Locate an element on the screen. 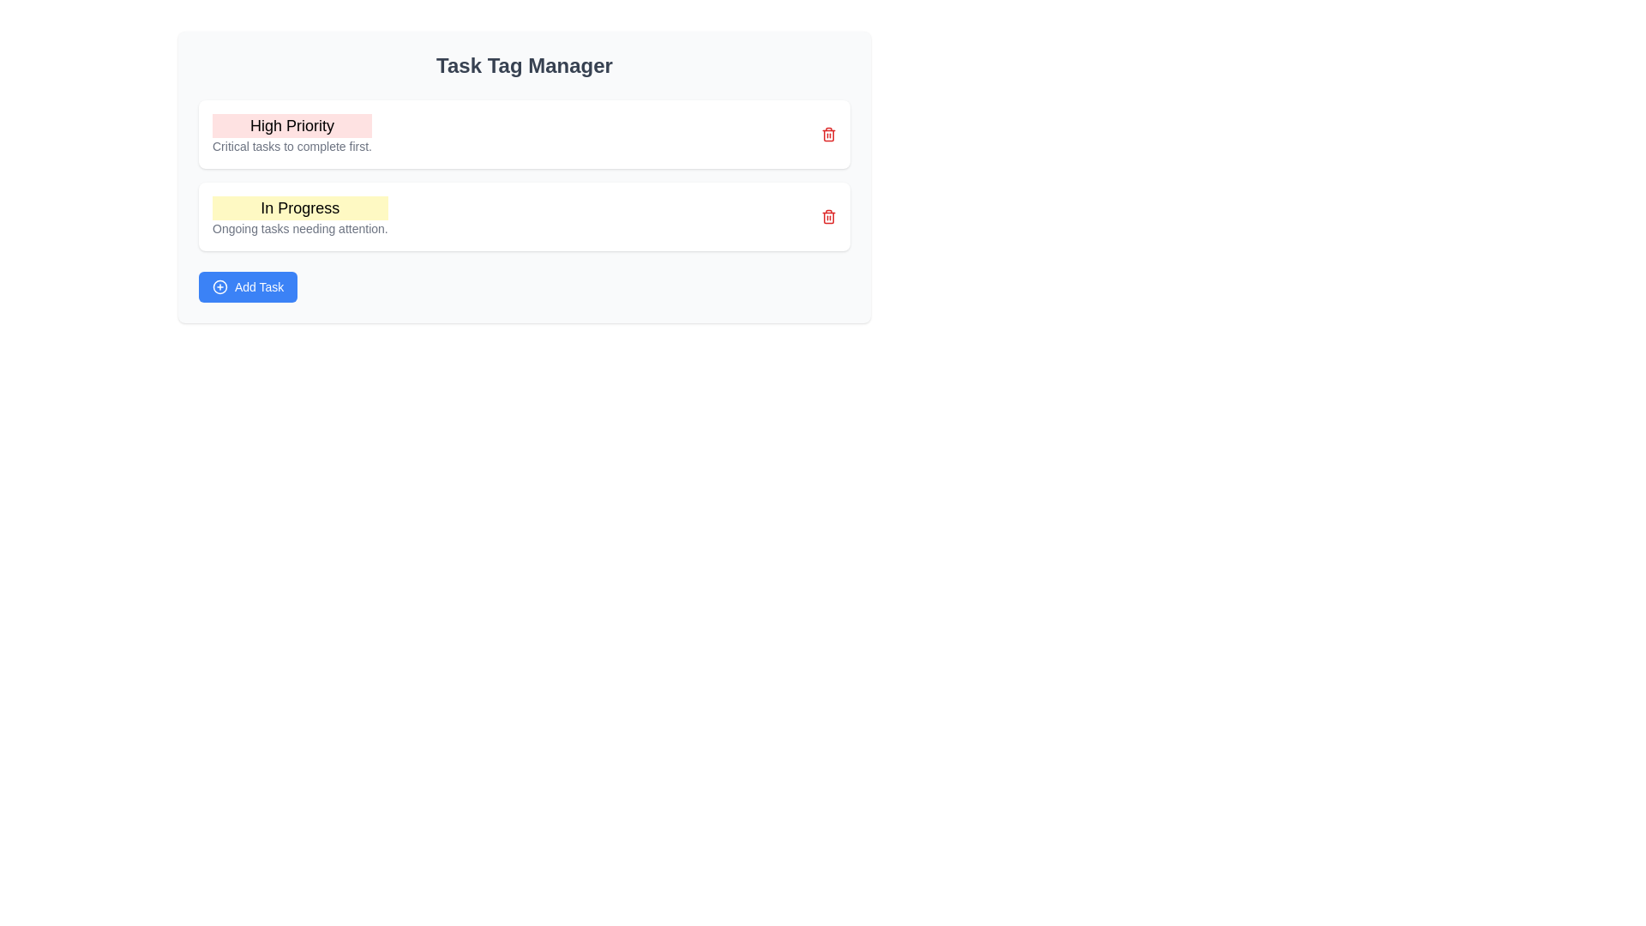 Image resolution: width=1646 pixels, height=926 pixels. the icon that visually indicates the action of adding or creating something, located inside the blue 'Add Task' button at the bottom left of the content area is located at coordinates (219, 286).